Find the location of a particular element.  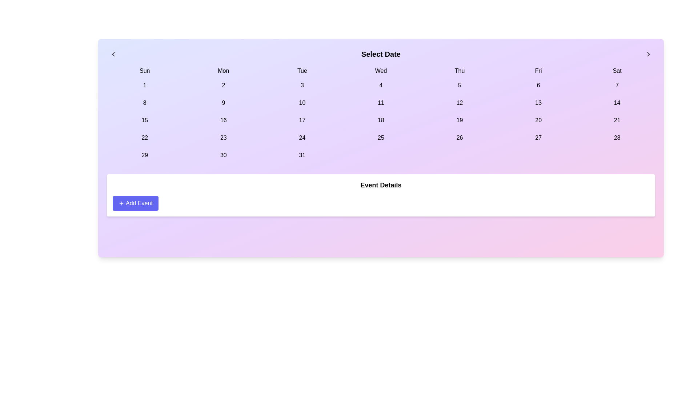

the left chevron icon located in the top-left corner of the interface, which allows users to move or scroll left in a sequence or view is located at coordinates (113, 54).